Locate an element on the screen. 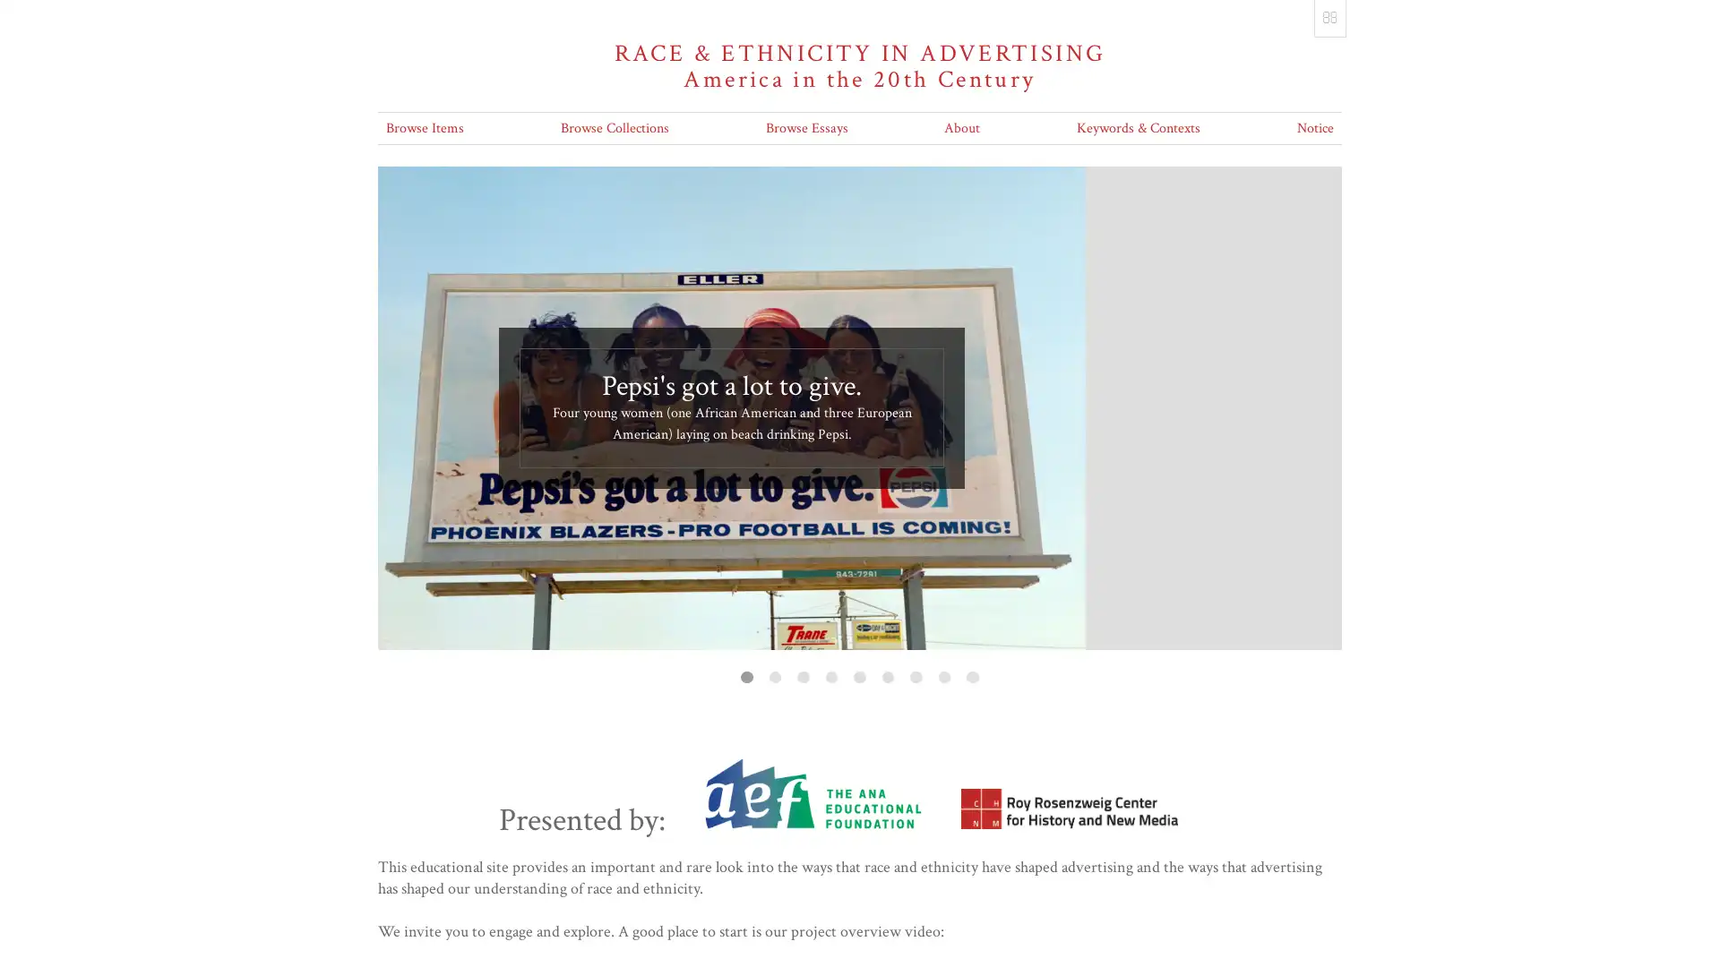 Image resolution: width=1720 pixels, height=967 pixels. 9 is located at coordinates (971, 677).